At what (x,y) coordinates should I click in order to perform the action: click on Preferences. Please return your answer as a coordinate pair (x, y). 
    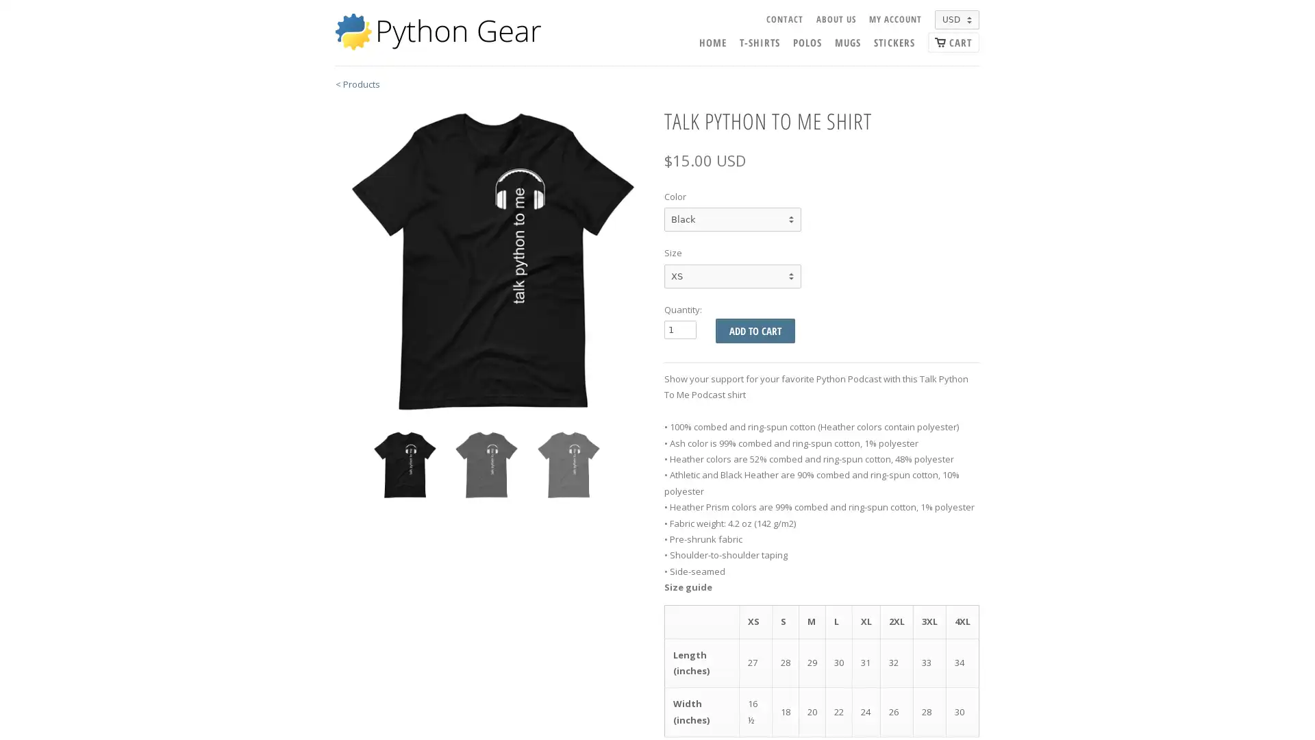
    Looking at the image, I should click on (1160, 715).